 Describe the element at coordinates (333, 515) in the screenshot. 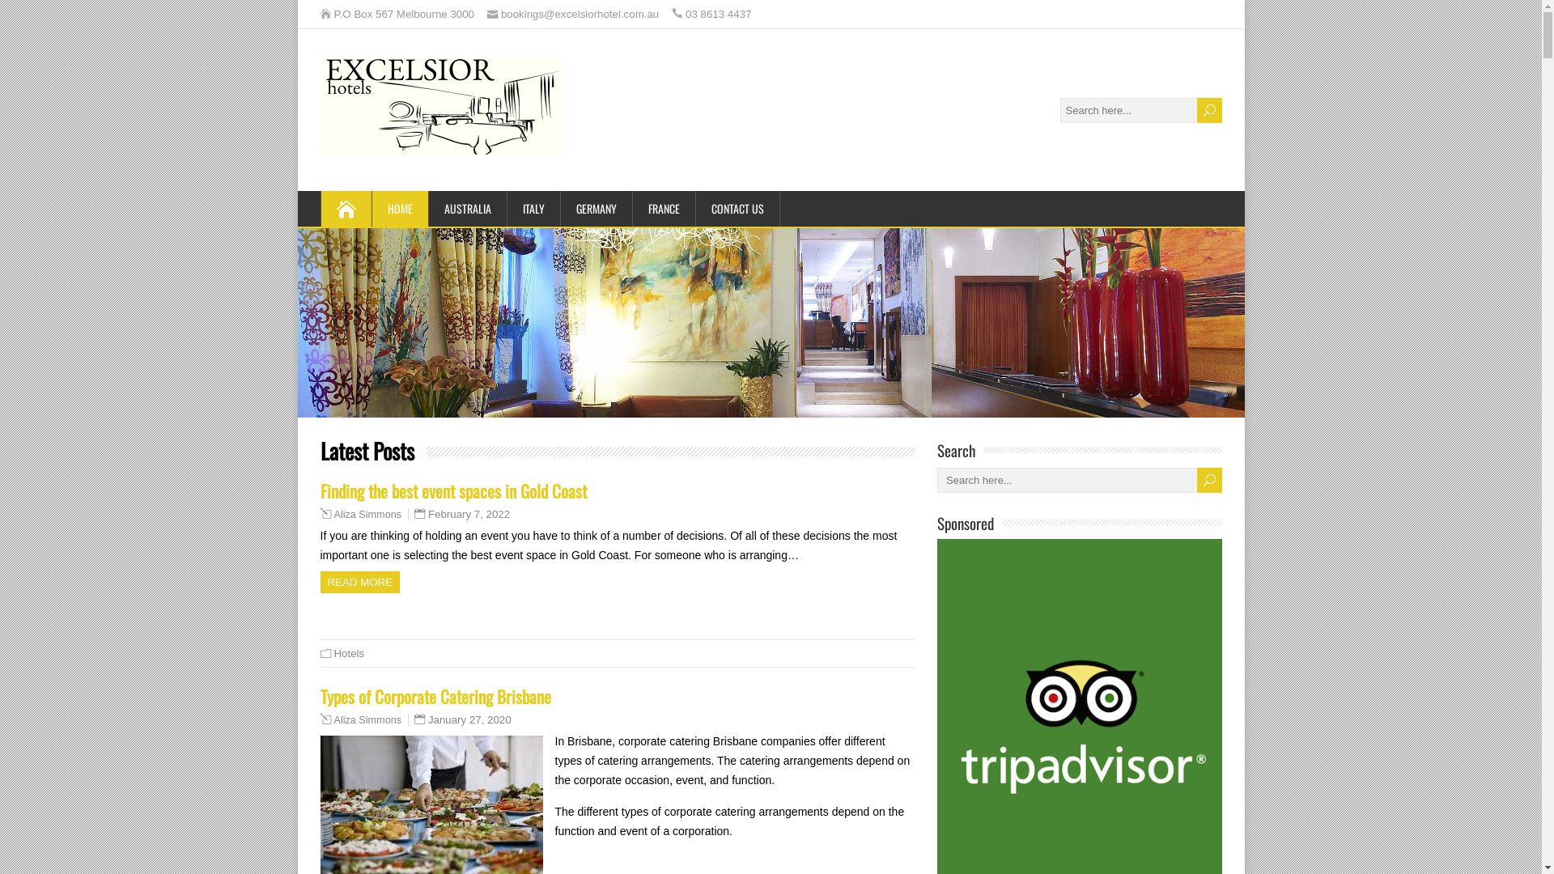

I see `'Aliza Simmons'` at that location.